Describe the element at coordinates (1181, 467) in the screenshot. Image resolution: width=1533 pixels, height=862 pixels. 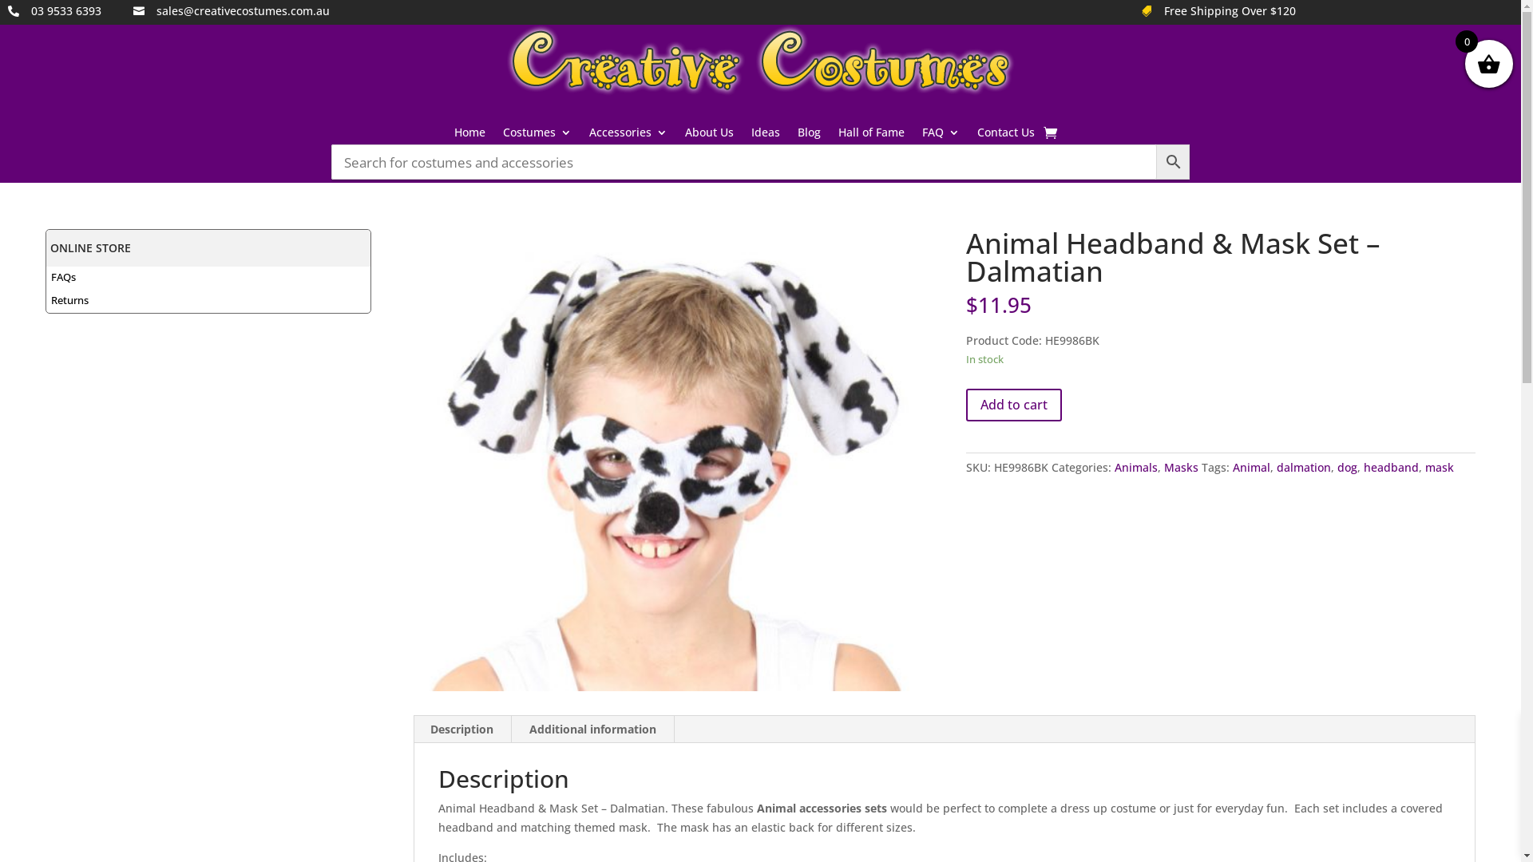
I see `'Masks'` at that location.